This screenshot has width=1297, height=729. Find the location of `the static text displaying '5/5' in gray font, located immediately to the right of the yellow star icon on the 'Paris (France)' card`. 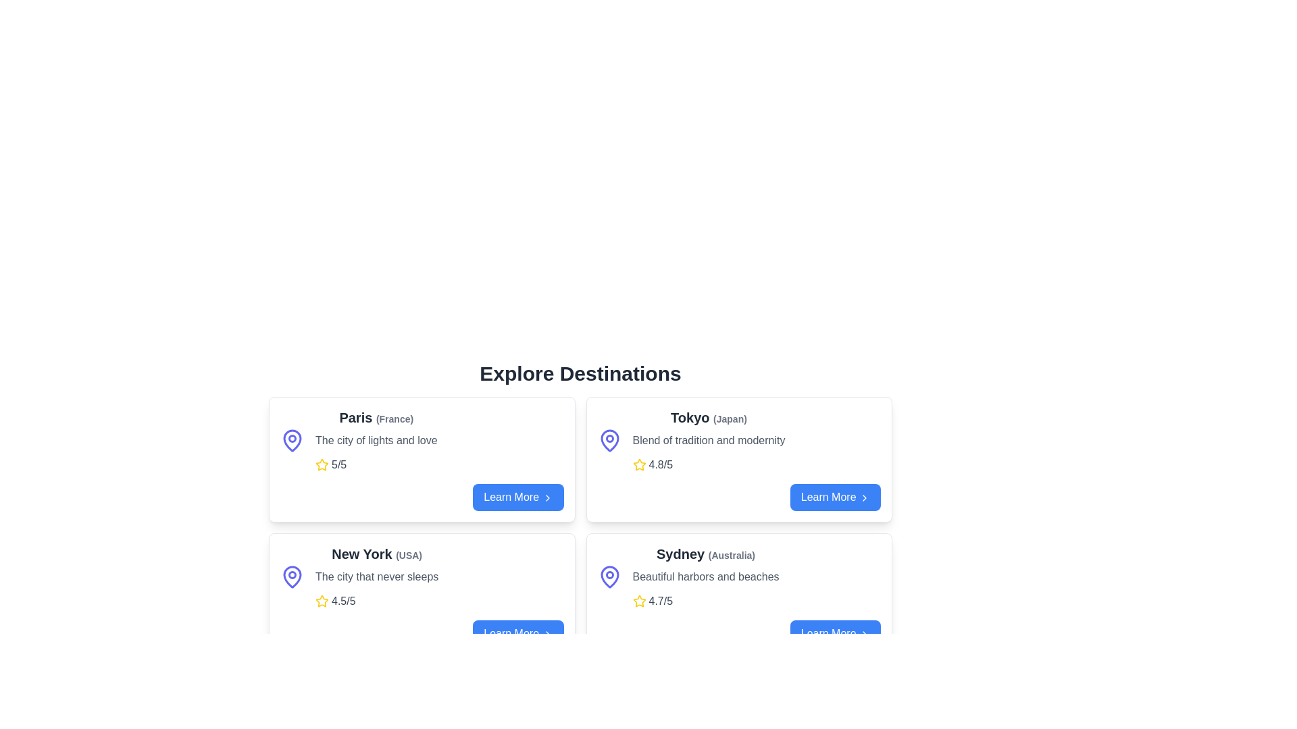

the static text displaying '5/5' in gray font, located immediately to the right of the yellow star icon on the 'Paris (France)' card is located at coordinates (339, 464).